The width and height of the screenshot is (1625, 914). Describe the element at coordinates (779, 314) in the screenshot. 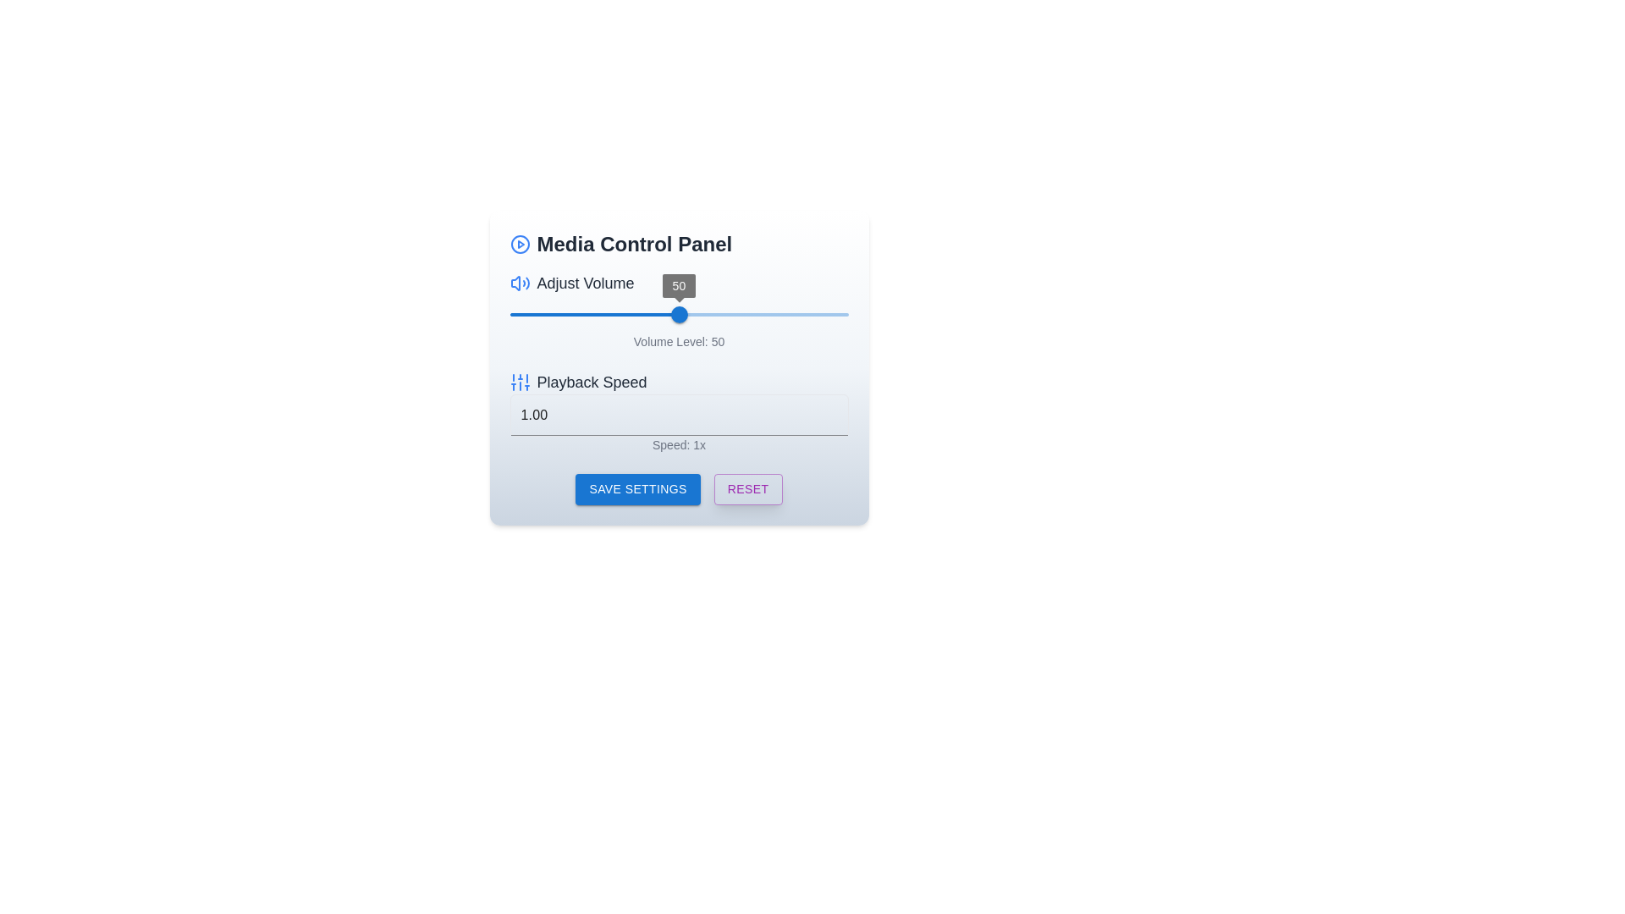

I see `volume` at that location.